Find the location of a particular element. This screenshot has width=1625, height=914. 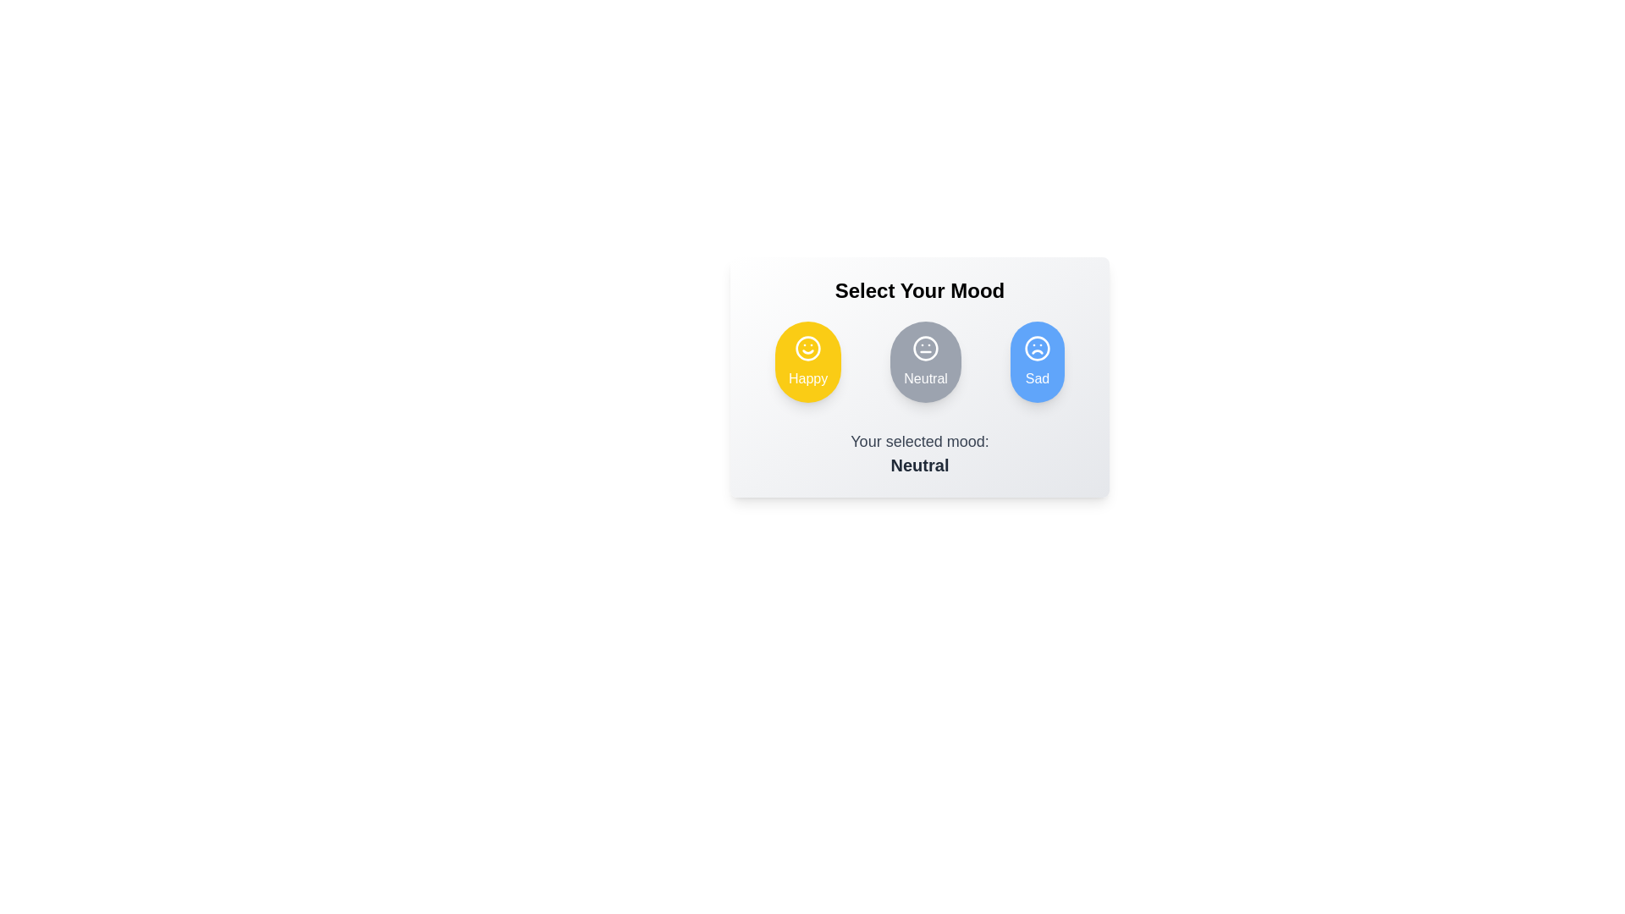

the Circle element that represents the outer ring of the face icon indicating a sad mood within the SVG graphic of the 'Sad' button is located at coordinates (1036, 348).